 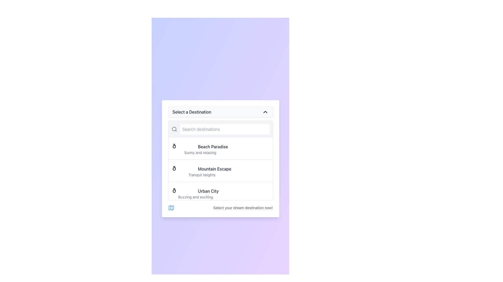 What do you see at coordinates (265, 111) in the screenshot?
I see `the Chevron Down icon located to the far-right of the 'Select a Destination' label` at bounding box center [265, 111].